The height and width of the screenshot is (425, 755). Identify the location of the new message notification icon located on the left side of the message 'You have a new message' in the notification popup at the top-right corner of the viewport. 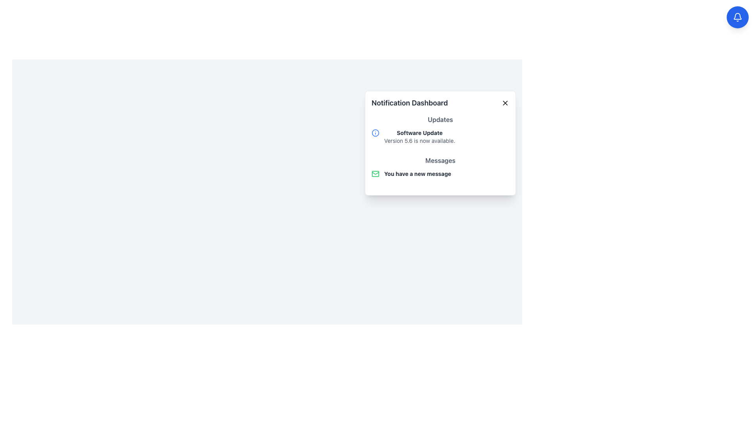
(375, 174).